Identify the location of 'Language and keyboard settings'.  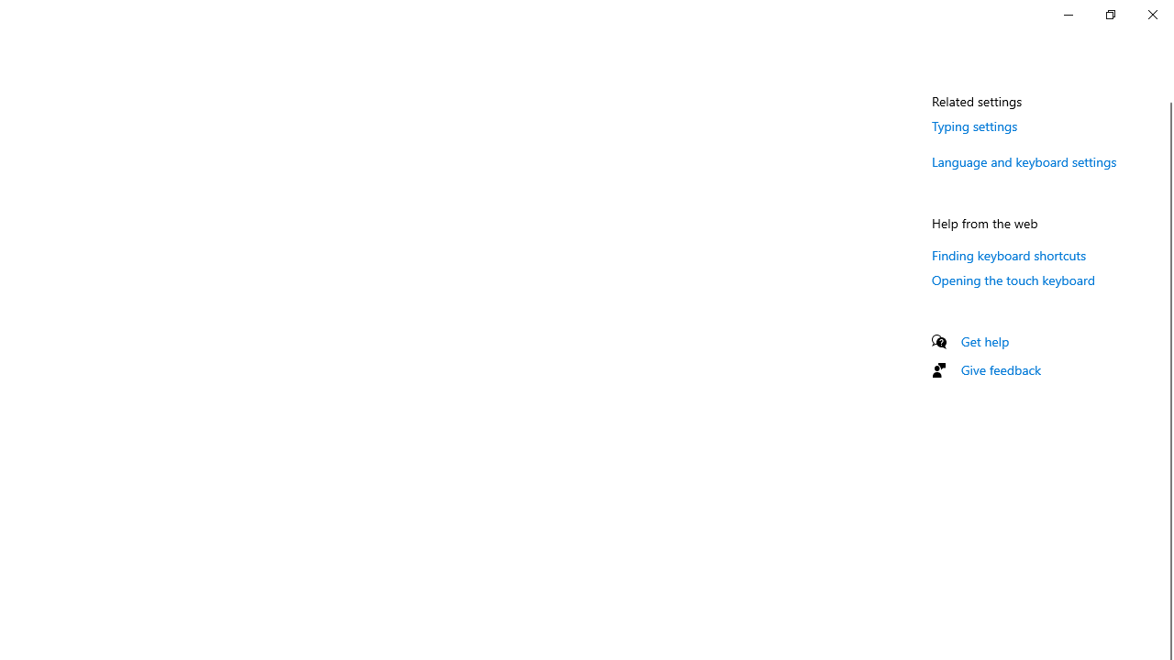
(1024, 160).